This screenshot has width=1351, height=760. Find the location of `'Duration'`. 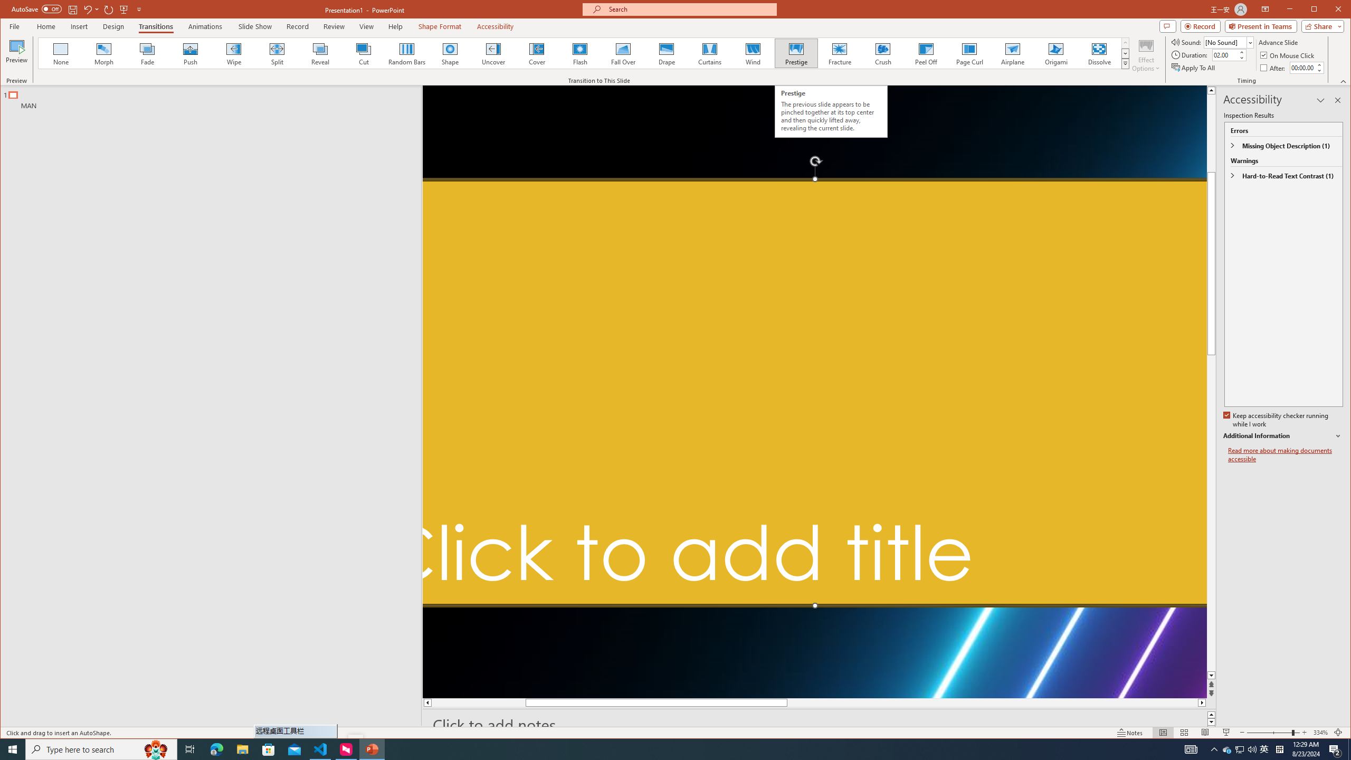

'Duration' is located at coordinates (1224, 54).